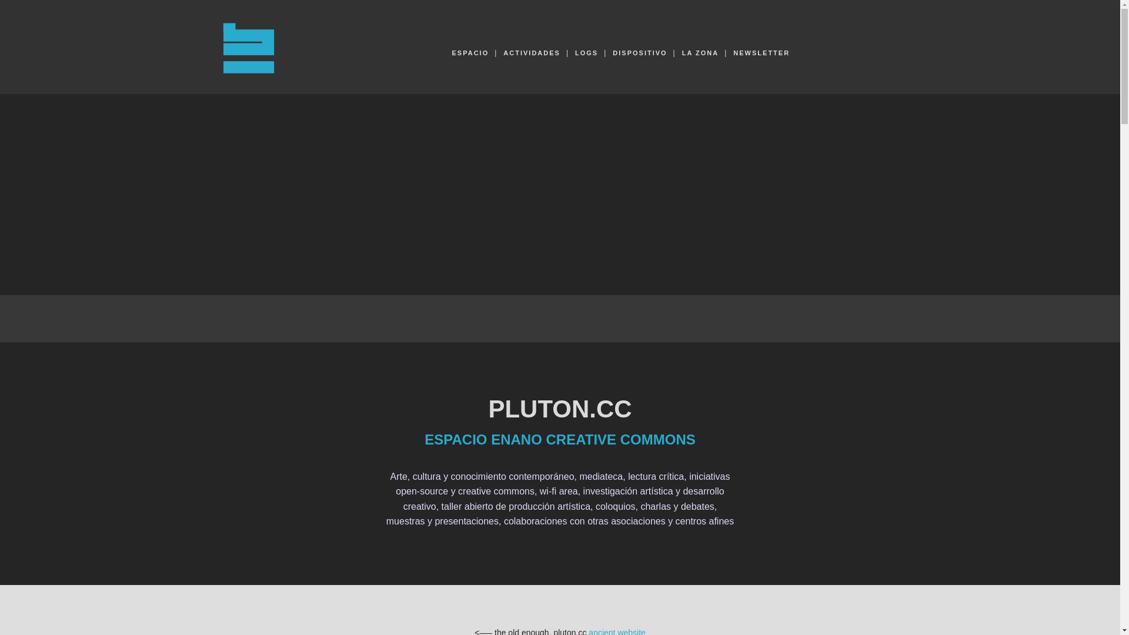  What do you see at coordinates (733, 52) in the screenshot?
I see `'NEWSLETTER'` at bounding box center [733, 52].